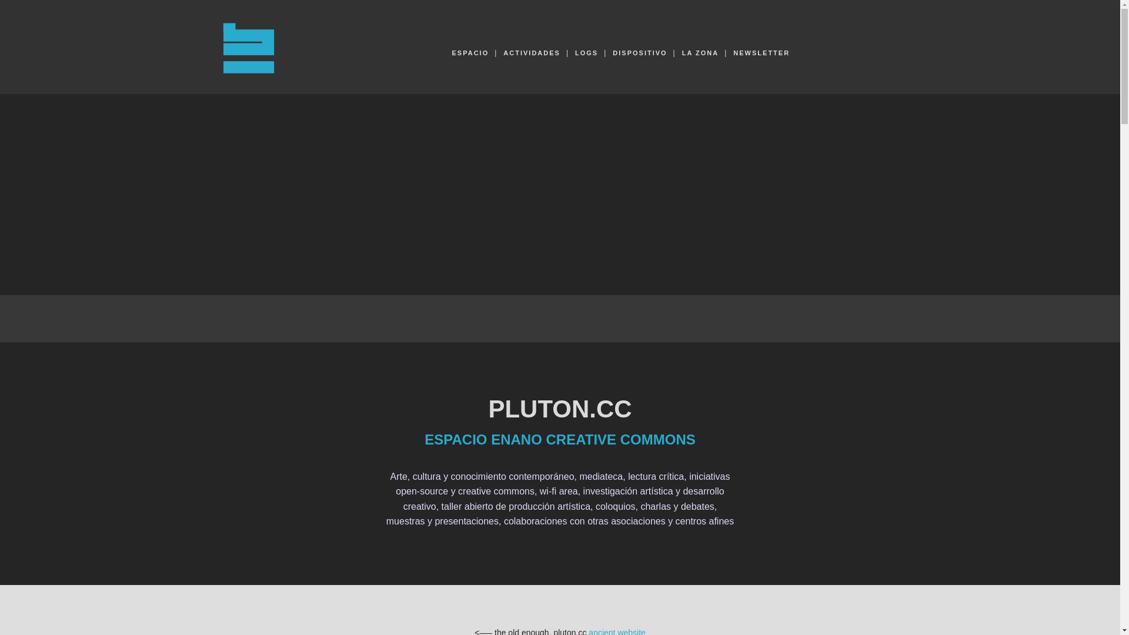  What do you see at coordinates (733, 52) in the screenshot?
I see `'NEWSLETTER'` at bounding box center [733, 52].